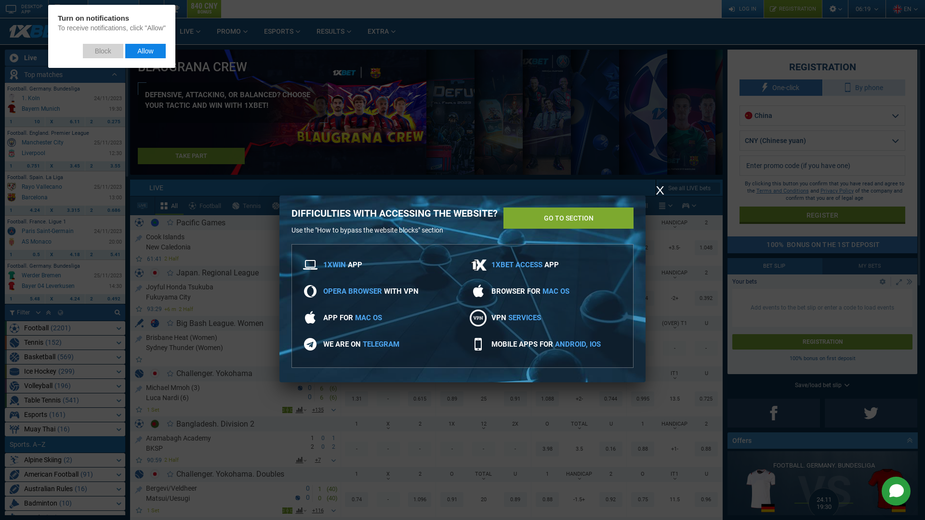 The image size is (925, 520). What do you see at coordinates (4, 254) in the screenshot?
I see `'1` at bounding box center [4, 254].